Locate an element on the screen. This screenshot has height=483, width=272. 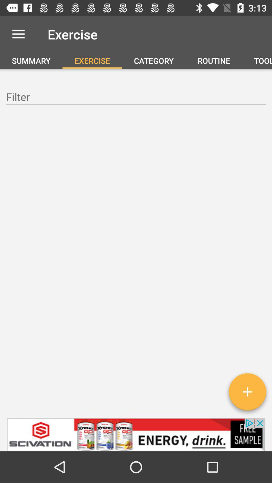
item is located at coordinates (247, 393).